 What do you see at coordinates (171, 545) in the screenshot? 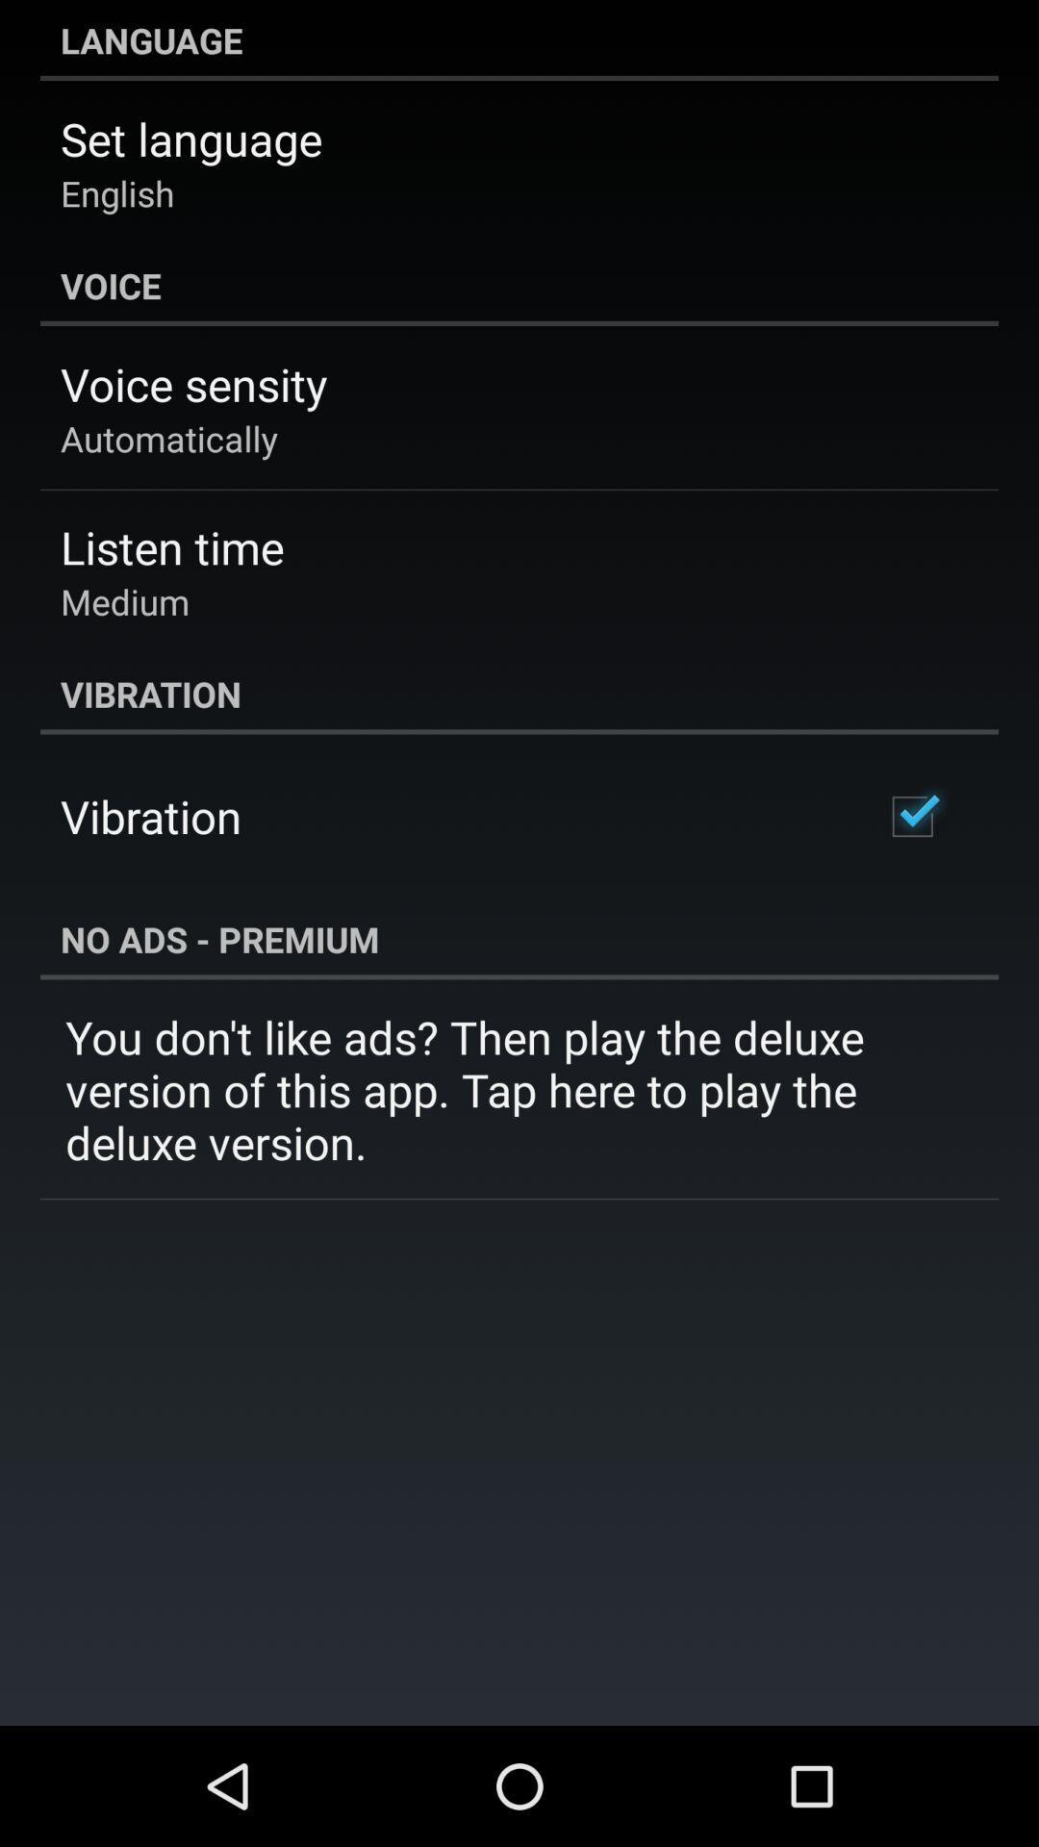
I see `listen time icon` at bounding box center [171, 545].